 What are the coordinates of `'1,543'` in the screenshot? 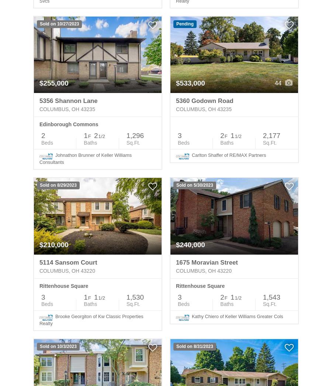 It's located at (262, 297).